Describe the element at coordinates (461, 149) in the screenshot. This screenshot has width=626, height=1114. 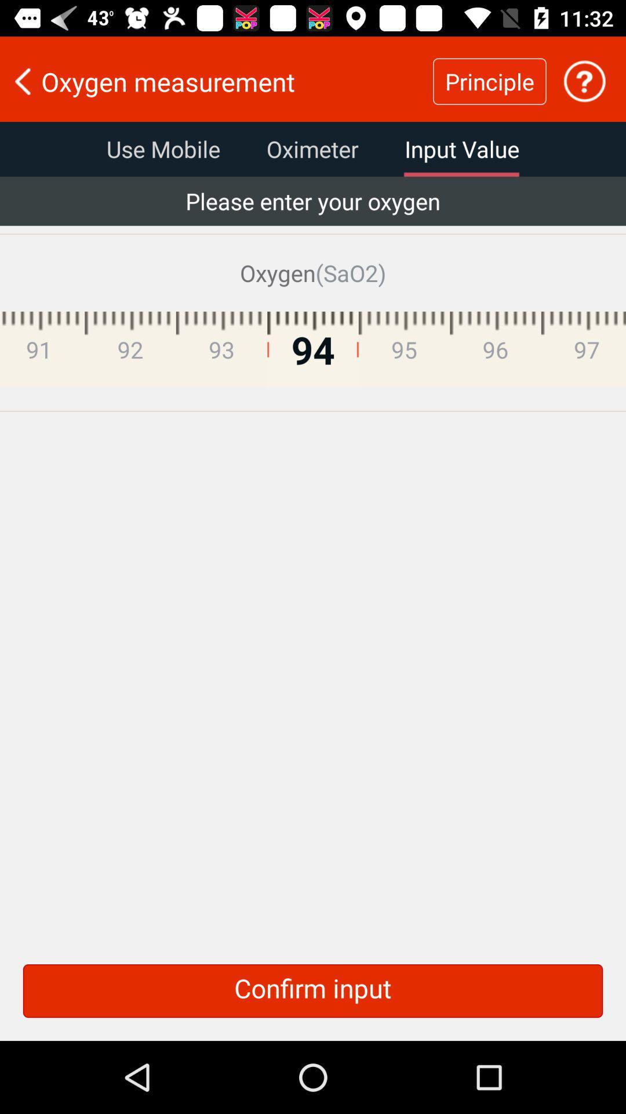
I see `the item below oxygen measurement icon` at that location.